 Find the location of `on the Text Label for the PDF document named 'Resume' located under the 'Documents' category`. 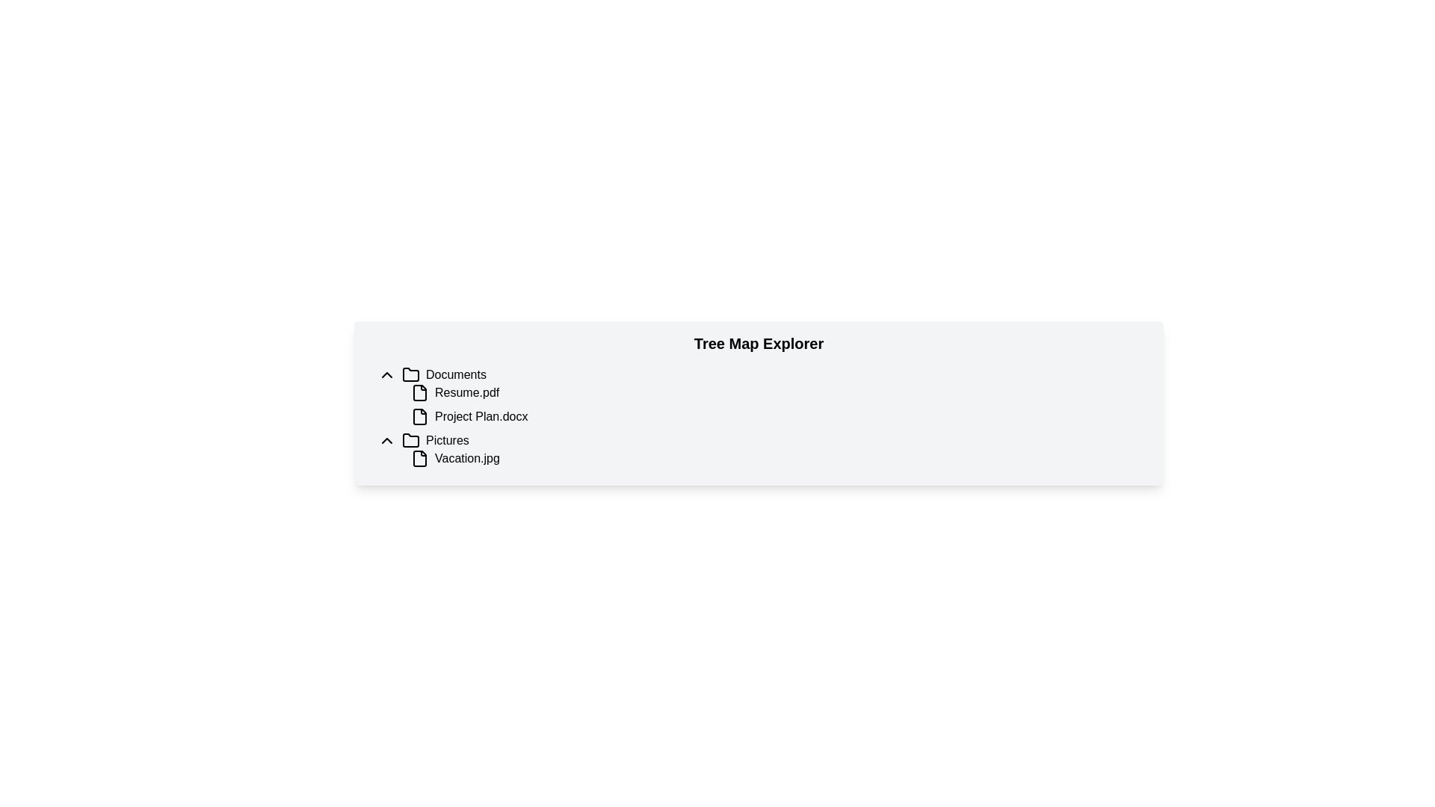

on the Text Label for the PDF document named 'Resume' located under the 'Documents' category is located at coordinates (466, 392).